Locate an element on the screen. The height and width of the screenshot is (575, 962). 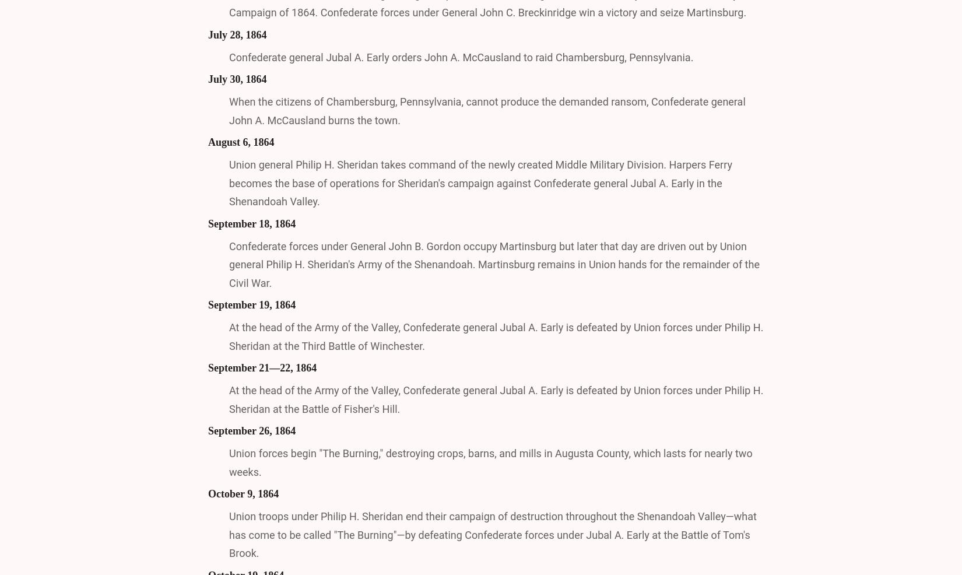
'Union troops under Philip H. Sheridan end their campaign of destruction throughout the Shenandoah Valley—what has come to be called "The Burning"—by defeating Confederate forces under Jubal A. Early at the Battle of Tom's Brook.' is located at coordinates (492, 534).